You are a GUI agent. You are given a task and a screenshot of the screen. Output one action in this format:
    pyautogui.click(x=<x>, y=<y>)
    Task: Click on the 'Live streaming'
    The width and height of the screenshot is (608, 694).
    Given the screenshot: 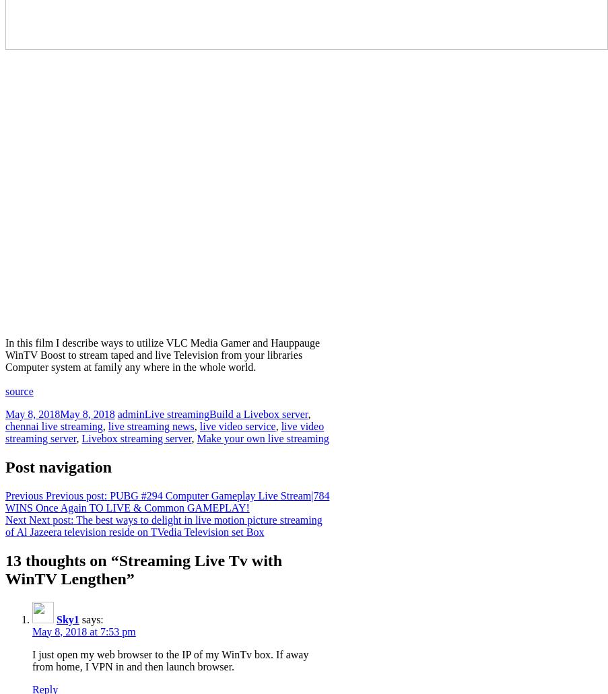 What is the action you would take?
    pyautogui.click(x=176, y=413)
    